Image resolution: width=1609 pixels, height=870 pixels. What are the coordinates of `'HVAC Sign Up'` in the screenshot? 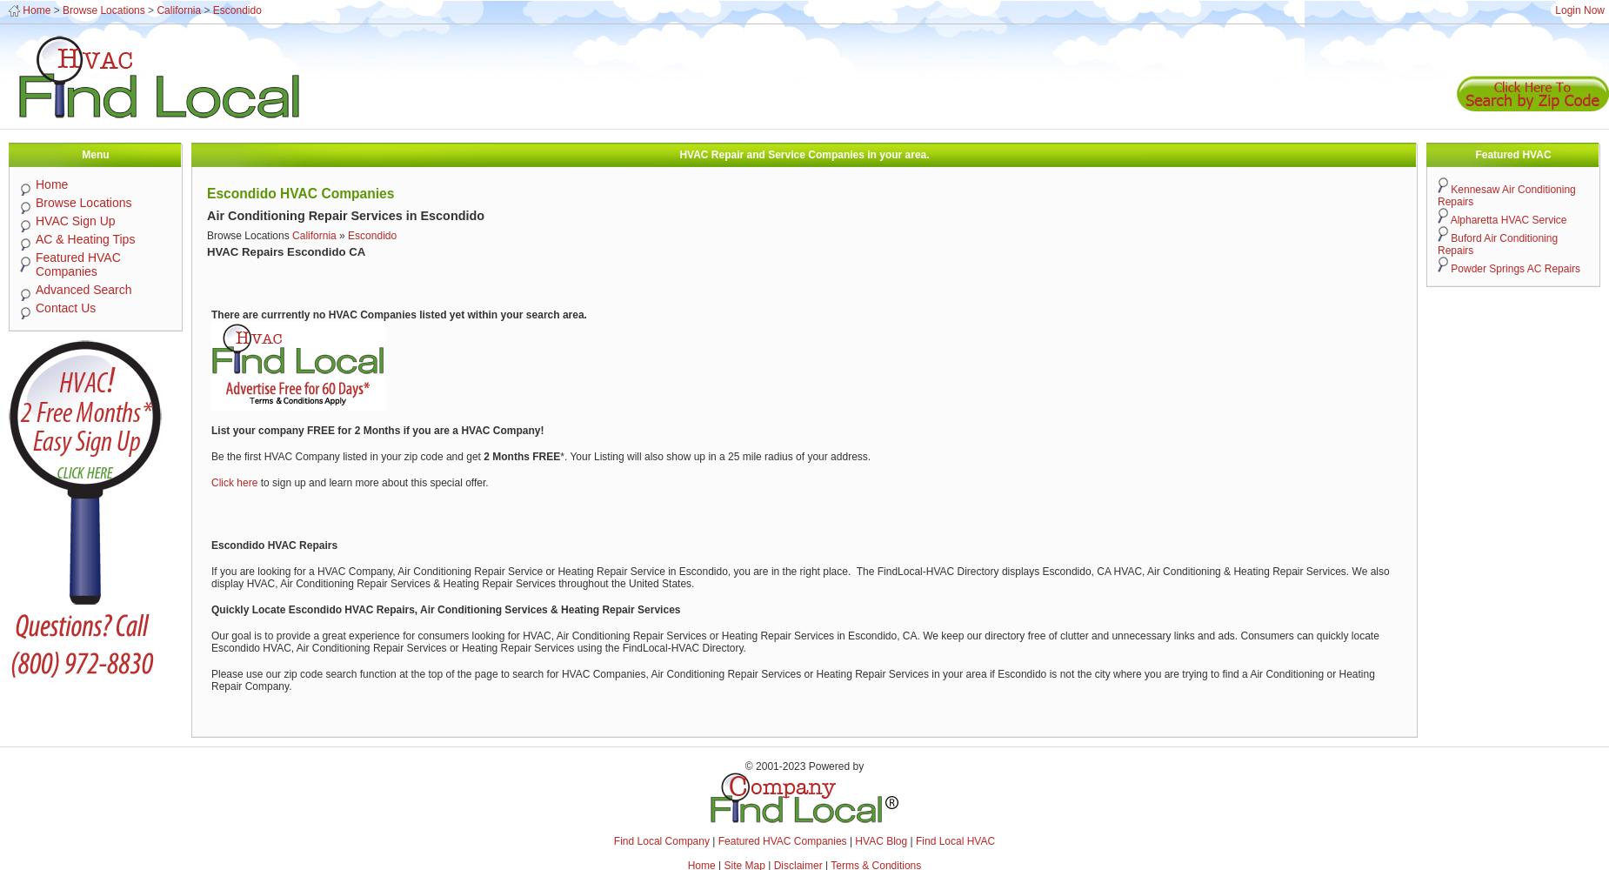 It's located at (74, 221).